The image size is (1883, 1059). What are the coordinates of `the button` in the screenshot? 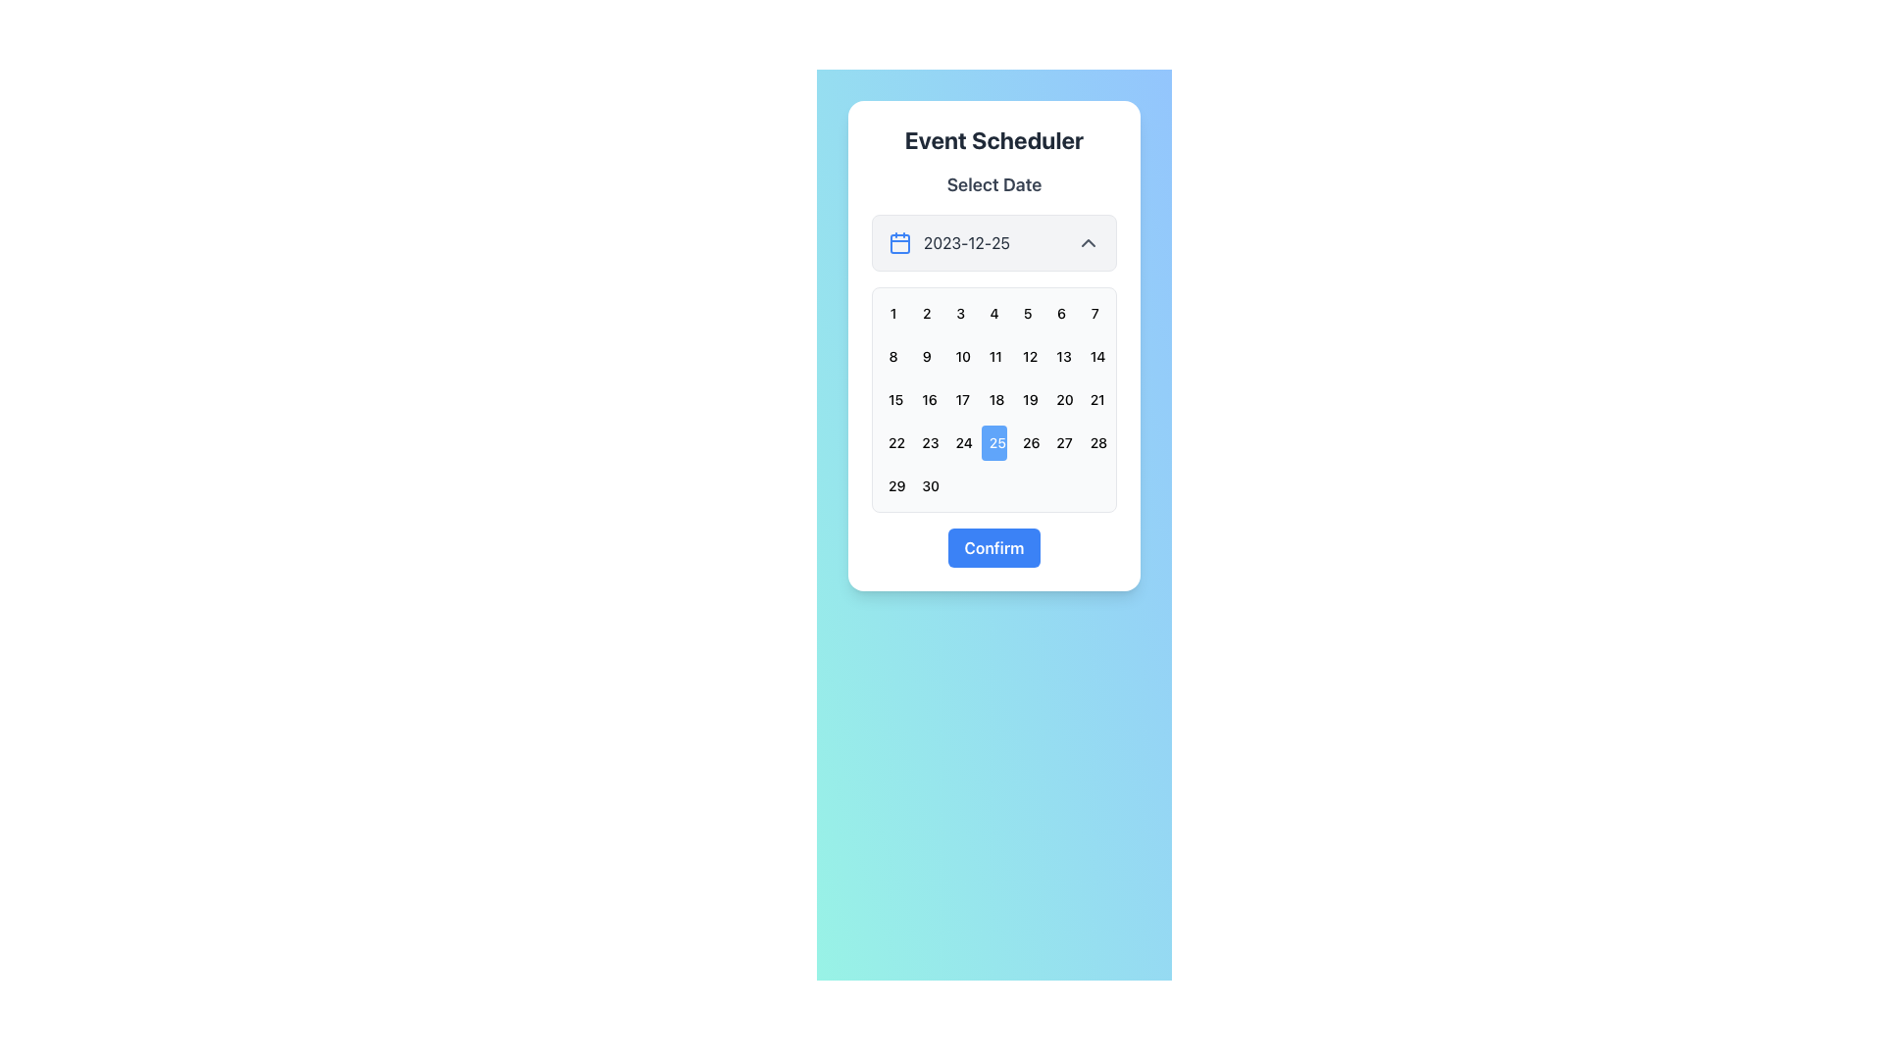 It's located at (1094, 313).